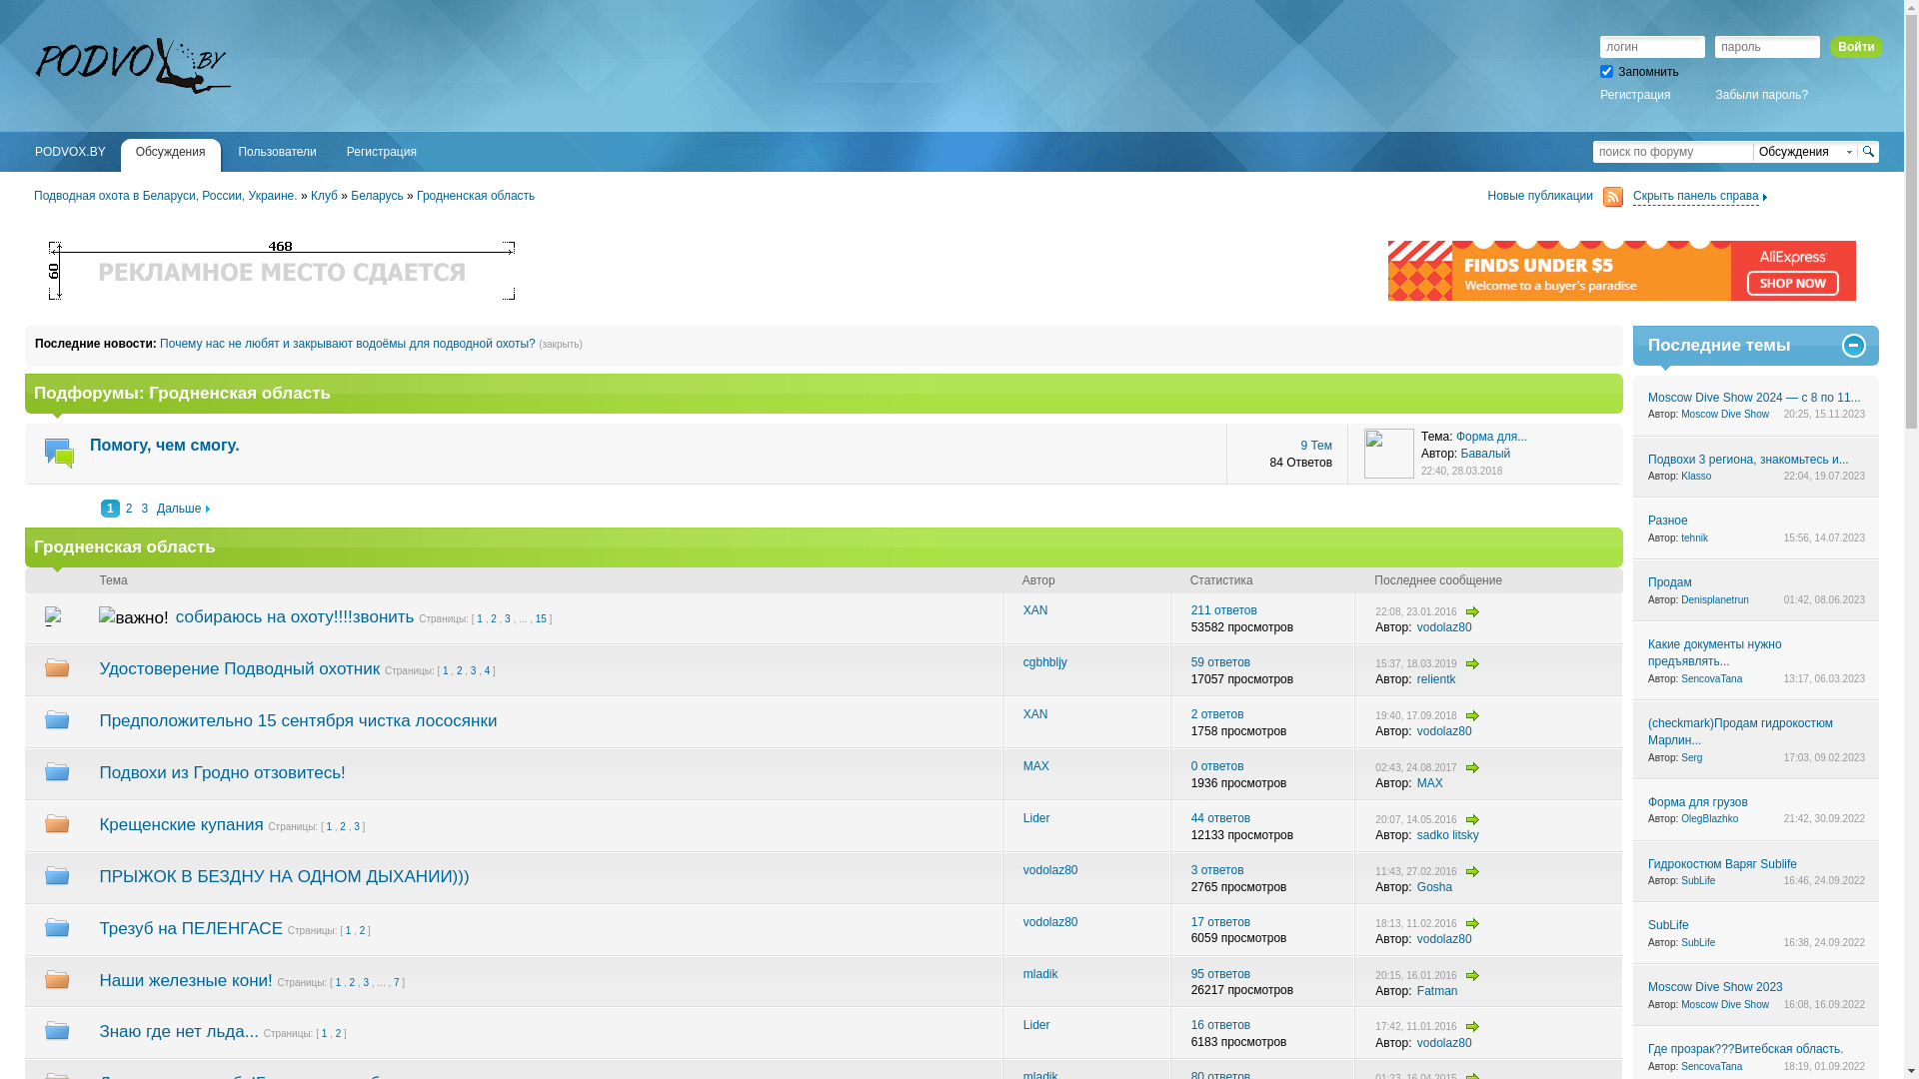 The height and width of the screenshot is (1079, 1919). I want to click on 'Klasso', so click(1695, 476).